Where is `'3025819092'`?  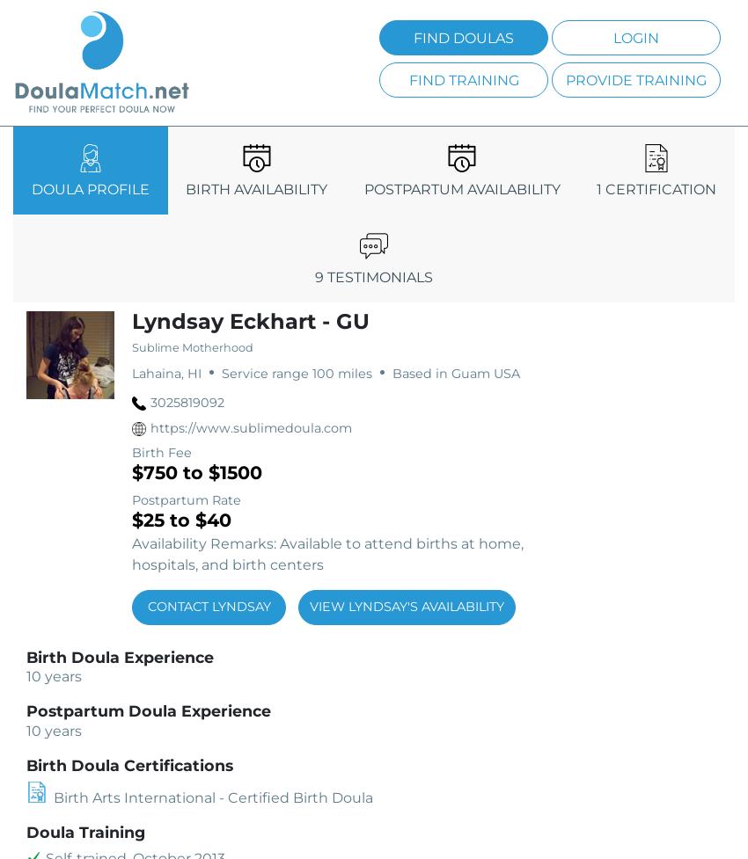
'3025819092' is located at coordinates (187, 403).